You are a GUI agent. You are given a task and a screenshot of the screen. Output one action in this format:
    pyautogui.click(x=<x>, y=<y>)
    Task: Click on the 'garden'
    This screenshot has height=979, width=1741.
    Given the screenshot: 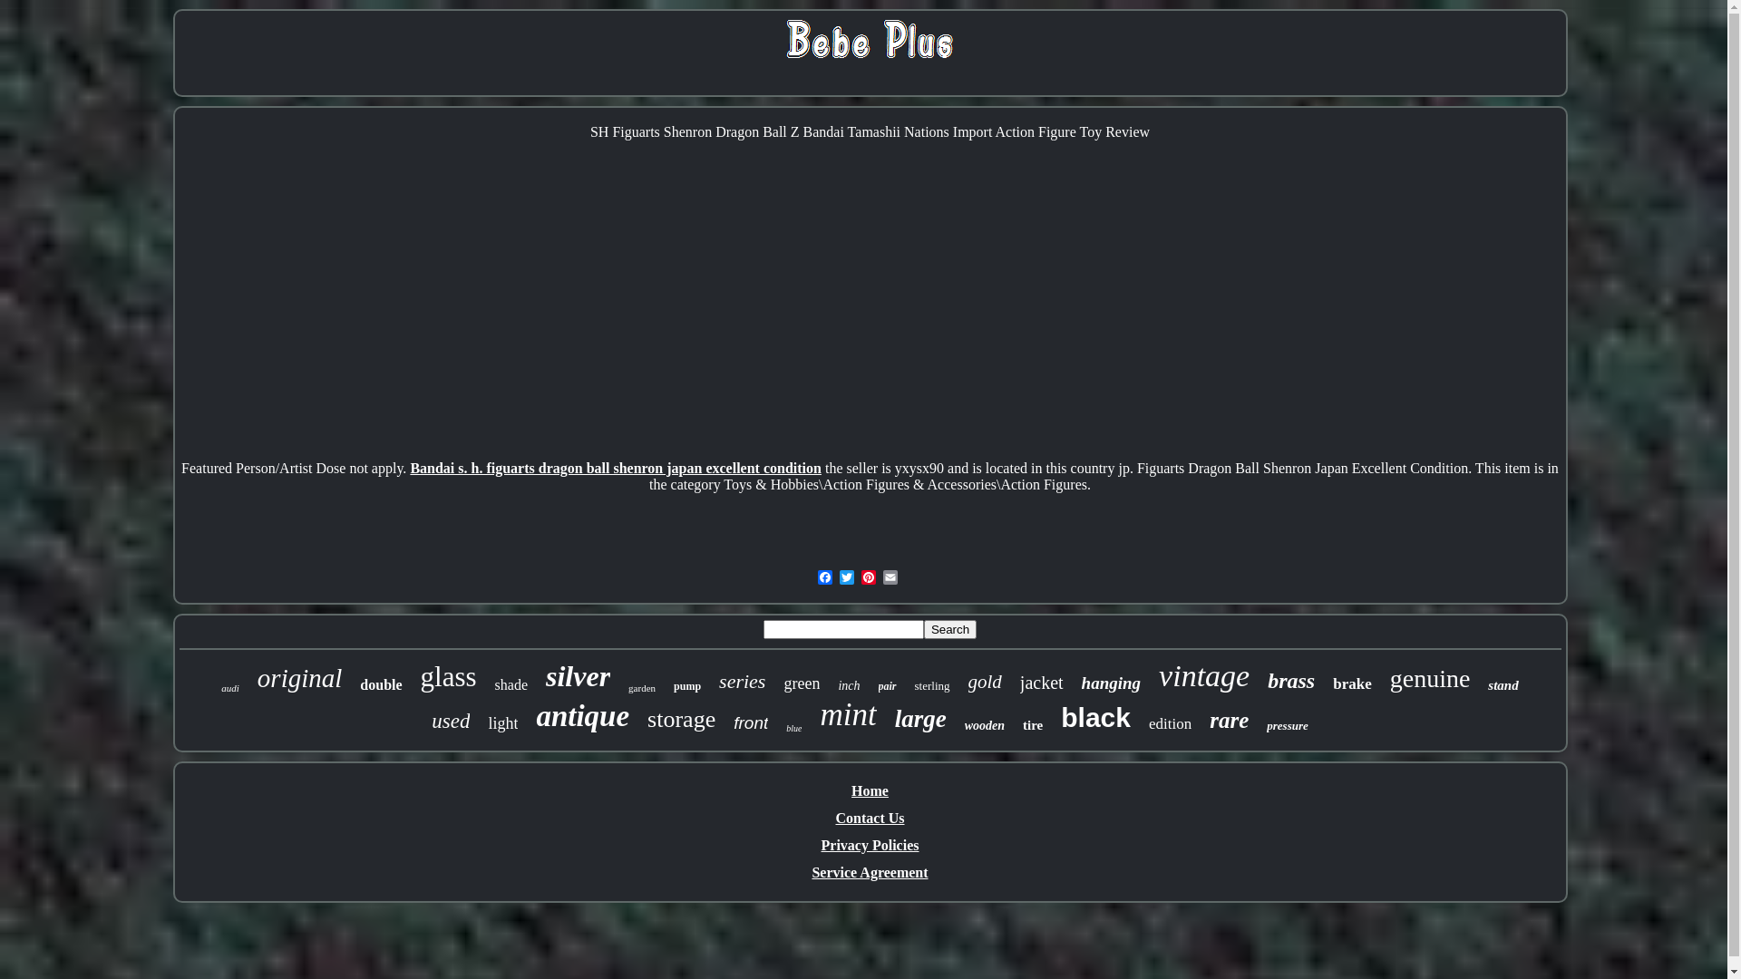 What is the action you would take?
    pyautogui.click(x=627, y=688)
    